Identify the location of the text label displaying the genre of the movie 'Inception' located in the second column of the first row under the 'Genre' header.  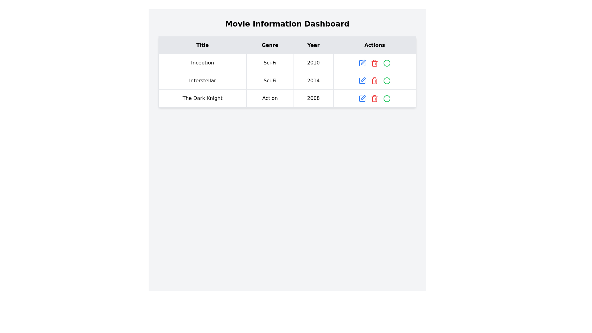
(270, 63).